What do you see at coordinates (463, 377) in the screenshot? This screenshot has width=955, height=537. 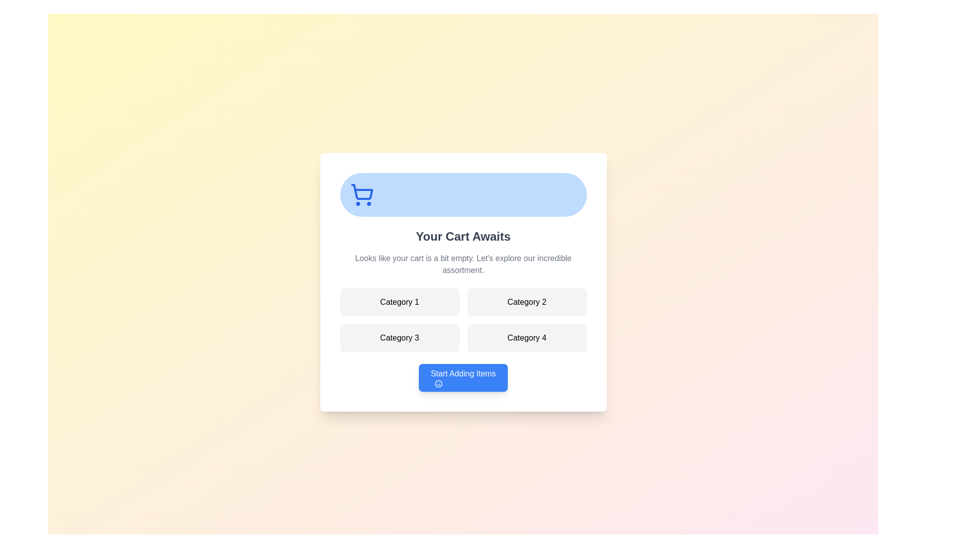 I see `the call-to-action button located at the bottom section of the cart-related content` at bounding box center [463, 377].